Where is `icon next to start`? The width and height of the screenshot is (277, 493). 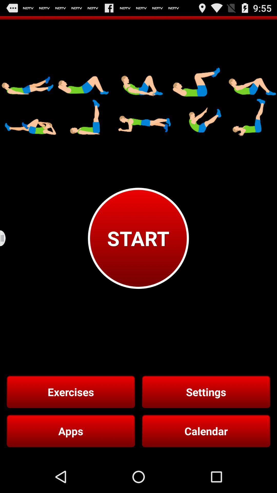 icon next to start is located at coordinates (6, 238).